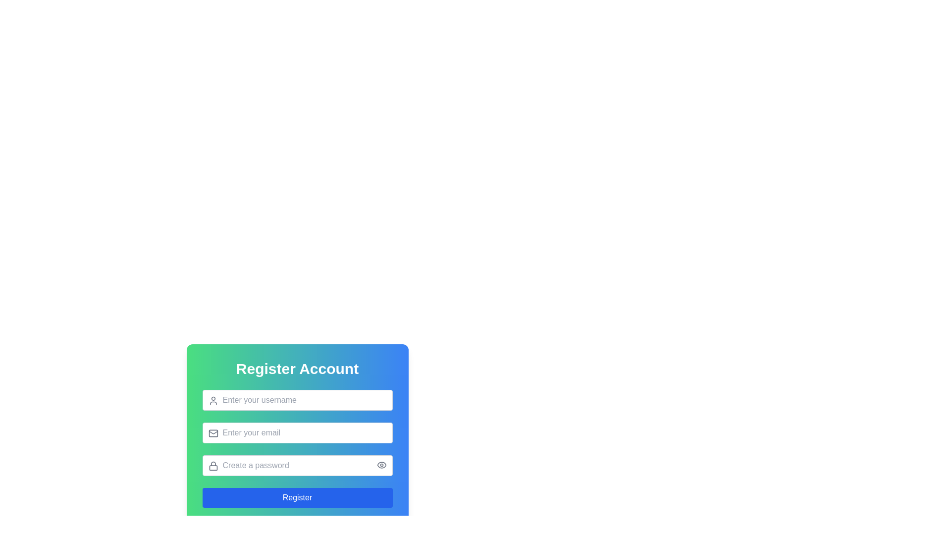  What do you see at coordinates (297, 498) in the screenshot?
I see `the prominent blue 'Register' button at the bottom of the registration form` at bounding box center [297, 498].